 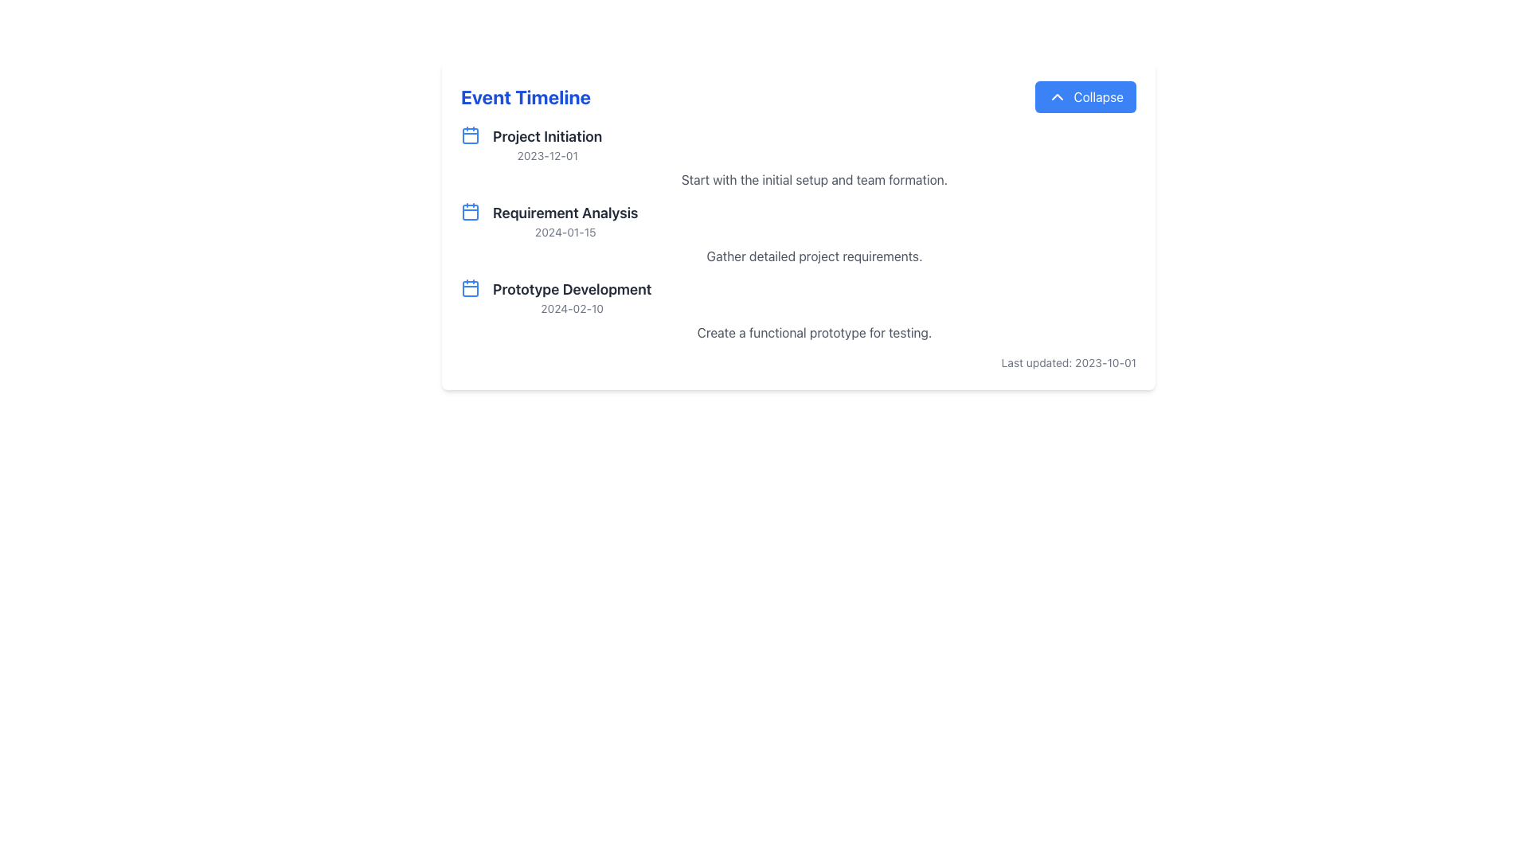 I want to click on the calendar icon located in the third row, associated with 'Prototype Development' and the date '2024-02-10', so click(x=469, y=288).